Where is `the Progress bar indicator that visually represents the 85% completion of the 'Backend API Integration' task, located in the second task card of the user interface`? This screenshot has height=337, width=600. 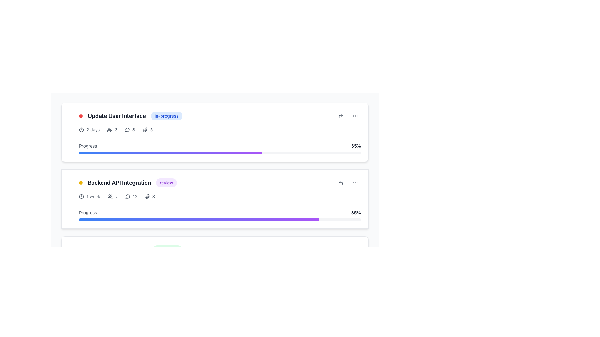 the Progress bar indicator that visually represents the 85% completion of the 'Backend API Integration' task, located in the second task card of the user interface is located at coordinates (198, 219).